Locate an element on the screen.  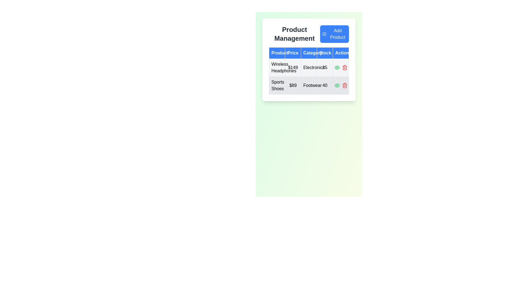
the contents of the text label displaying 'Product' in white font on a blue background, located at the top-left corner of the headers in the table is located at coordinates (277, 53).